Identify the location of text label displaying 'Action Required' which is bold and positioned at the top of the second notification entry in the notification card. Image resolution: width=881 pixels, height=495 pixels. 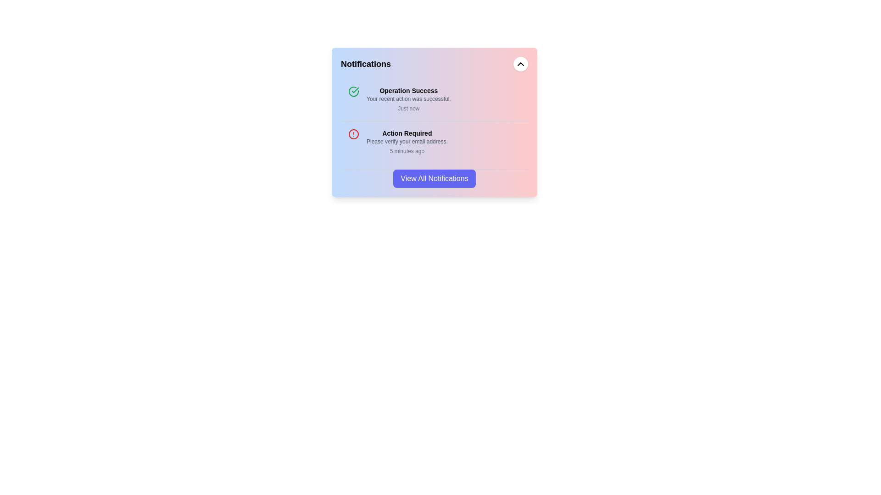
(407, 133).